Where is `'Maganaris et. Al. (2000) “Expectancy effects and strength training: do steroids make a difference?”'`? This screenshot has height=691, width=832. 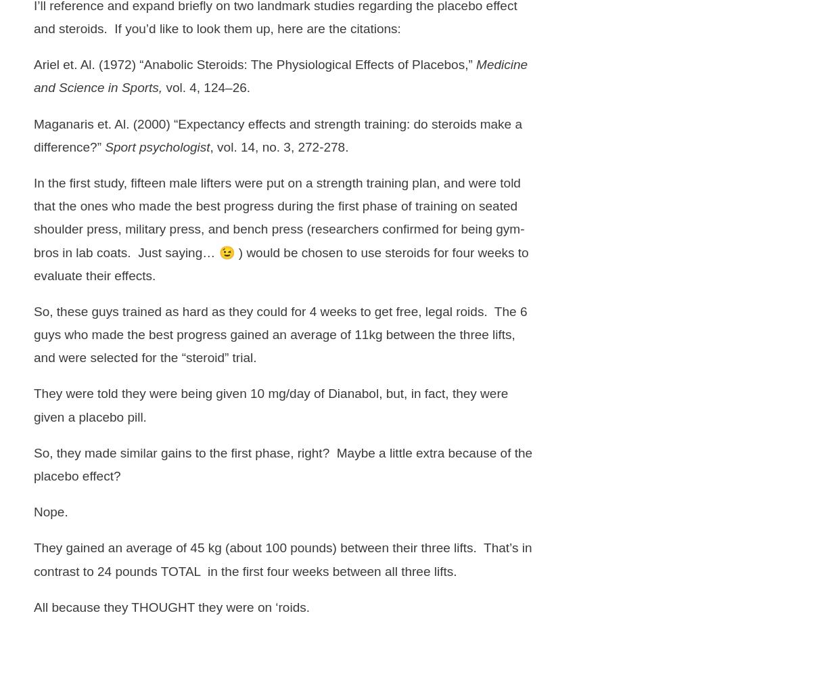 'Maganaris et. Al. (2000) “Expectancy effects and strength training: do steroids make a difference?”' is located at coordinates (277, 135).